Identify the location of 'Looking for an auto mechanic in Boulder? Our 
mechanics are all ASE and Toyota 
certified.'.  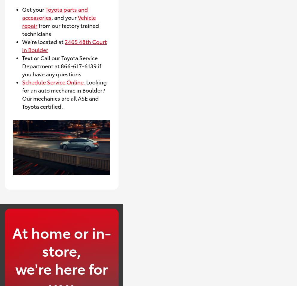
(22, 93).